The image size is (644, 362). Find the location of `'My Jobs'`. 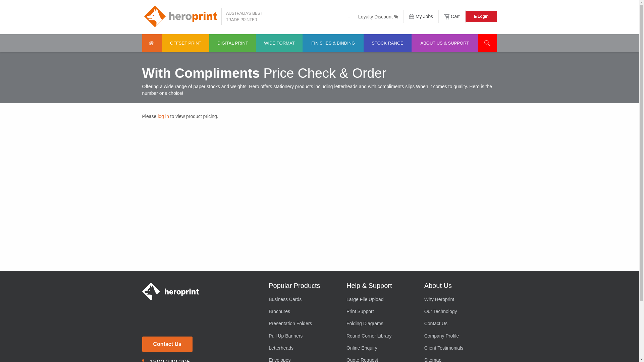

'My Jobs' is located at coordinates (420, 16).